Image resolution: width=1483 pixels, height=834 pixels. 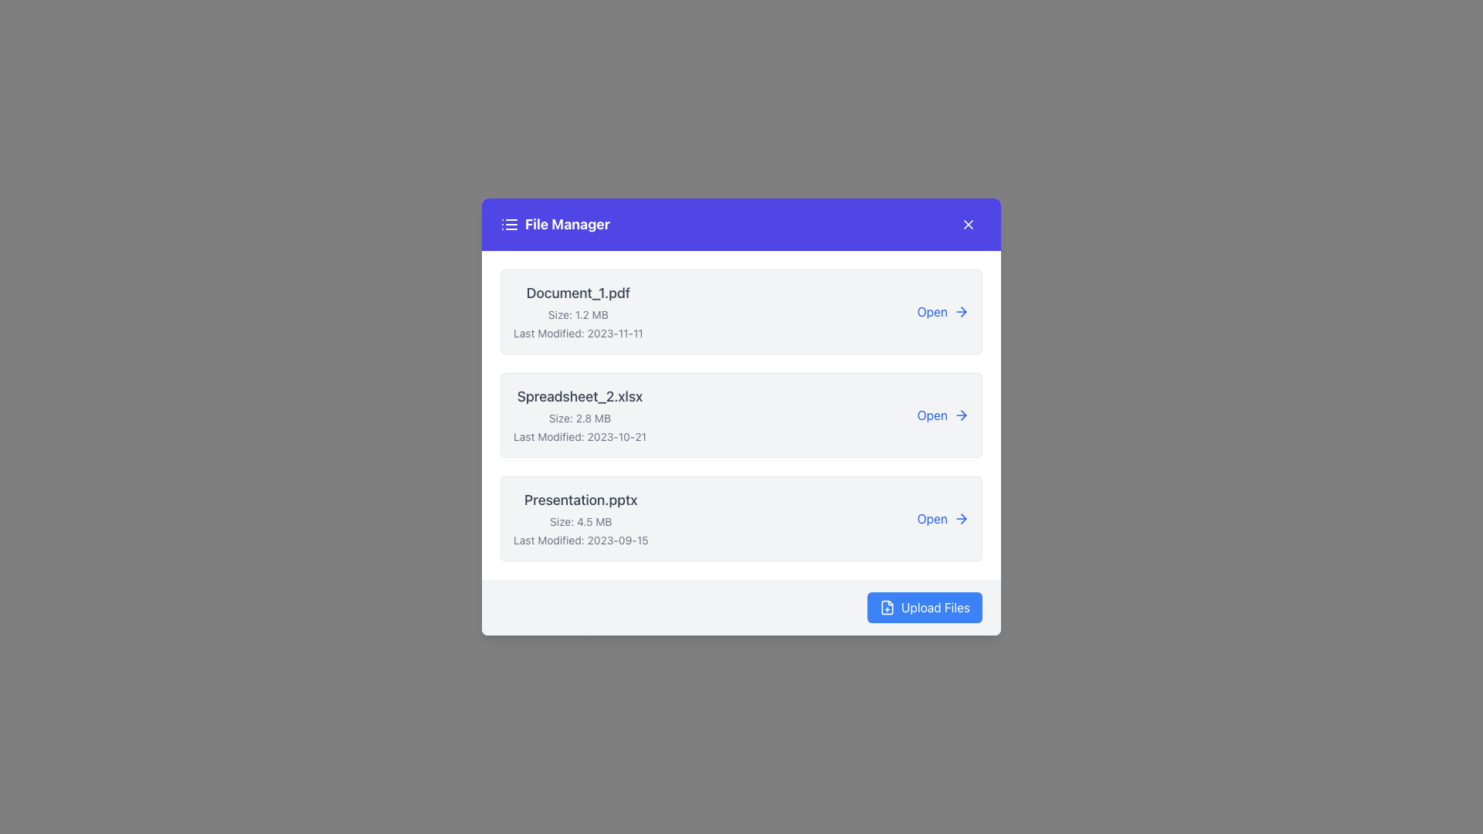 I want to click on the close icon button located in the top-right corner of the 'File Manager' header bar, which is styled with a thin white line on a vibrant purple background, so click(x=967, y=224).